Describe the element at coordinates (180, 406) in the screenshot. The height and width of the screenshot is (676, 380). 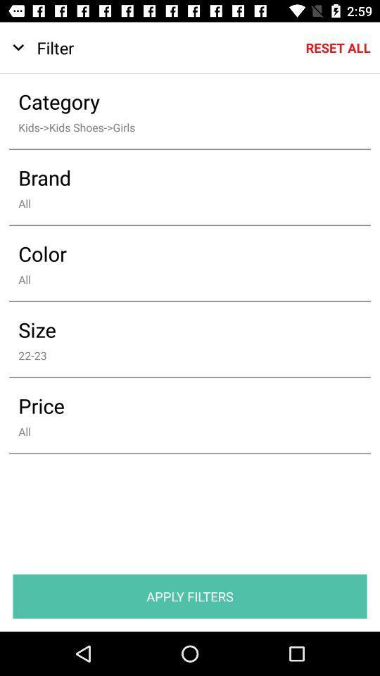
I see `icon below 22-23` at that location.